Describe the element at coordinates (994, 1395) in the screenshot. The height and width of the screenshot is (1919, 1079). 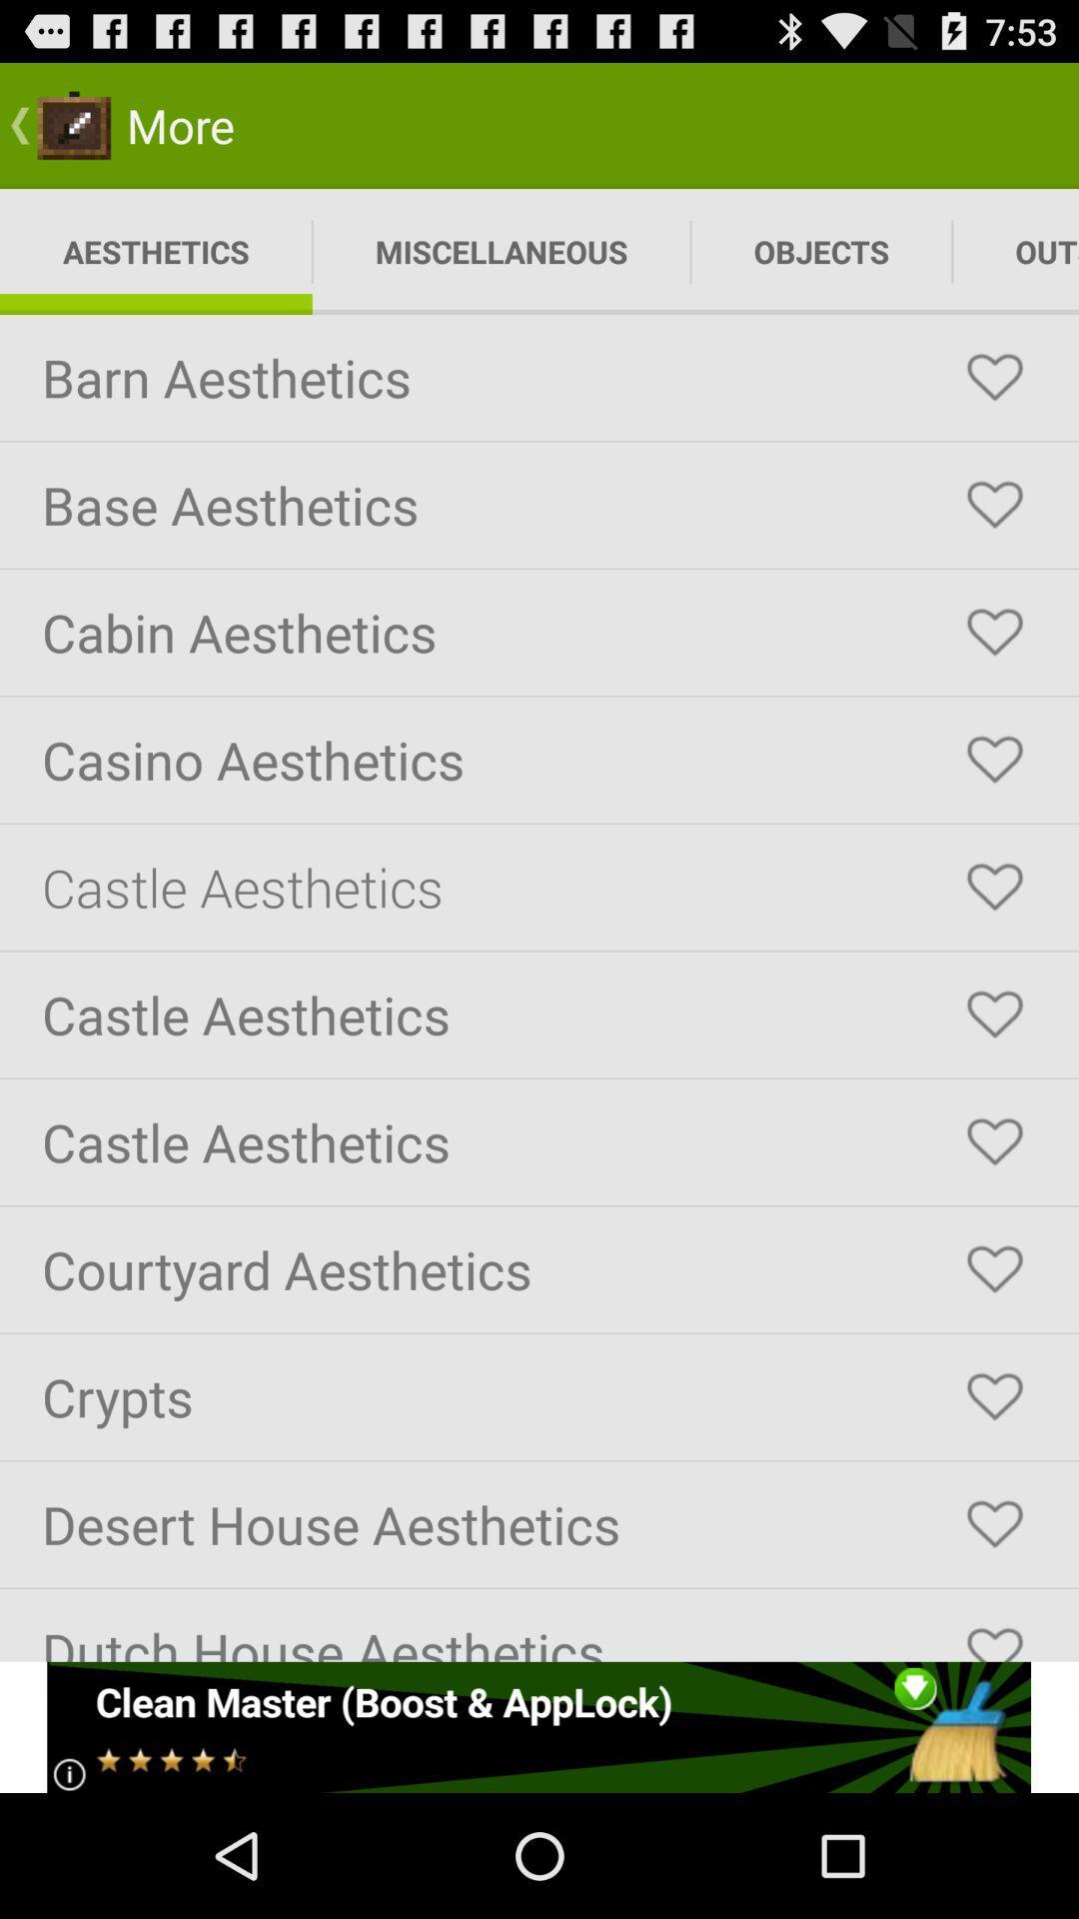
I see `autoplay option` at that location.